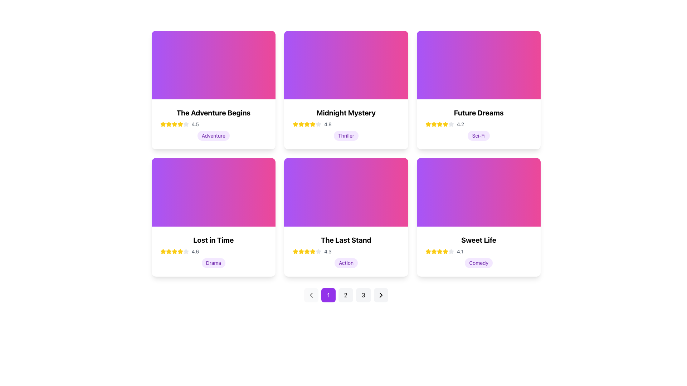 This screenshot has width=687, height=386. Describe the element at coordinates (346, 113) in the screenshot. I see `the text label that serves as the title of the card labeled 'Midnight Mystery', which is positioned in the upper-middle region of the card, above the star rating and genre label 'Thriller'` at that location.